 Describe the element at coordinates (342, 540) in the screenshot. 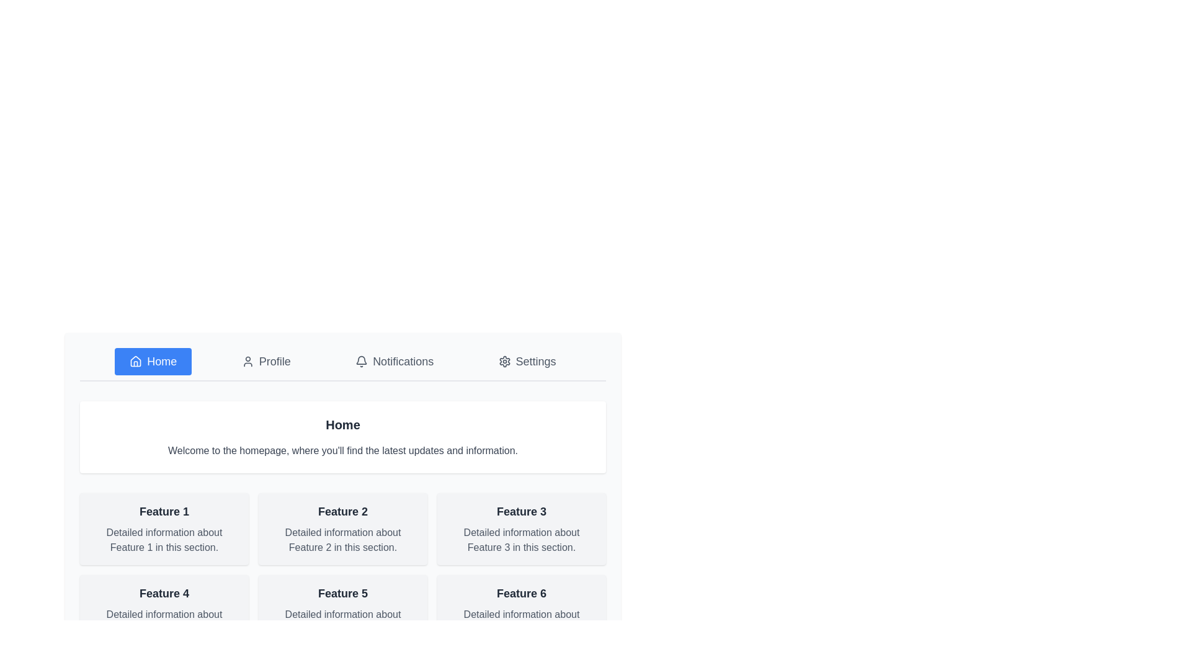

I see `the text label displaying 'Detailed information about Feature 2 in this section.' styled in gray font, located below the heading 'Feature 2' within a card in the second column of a grid layout` at that location.